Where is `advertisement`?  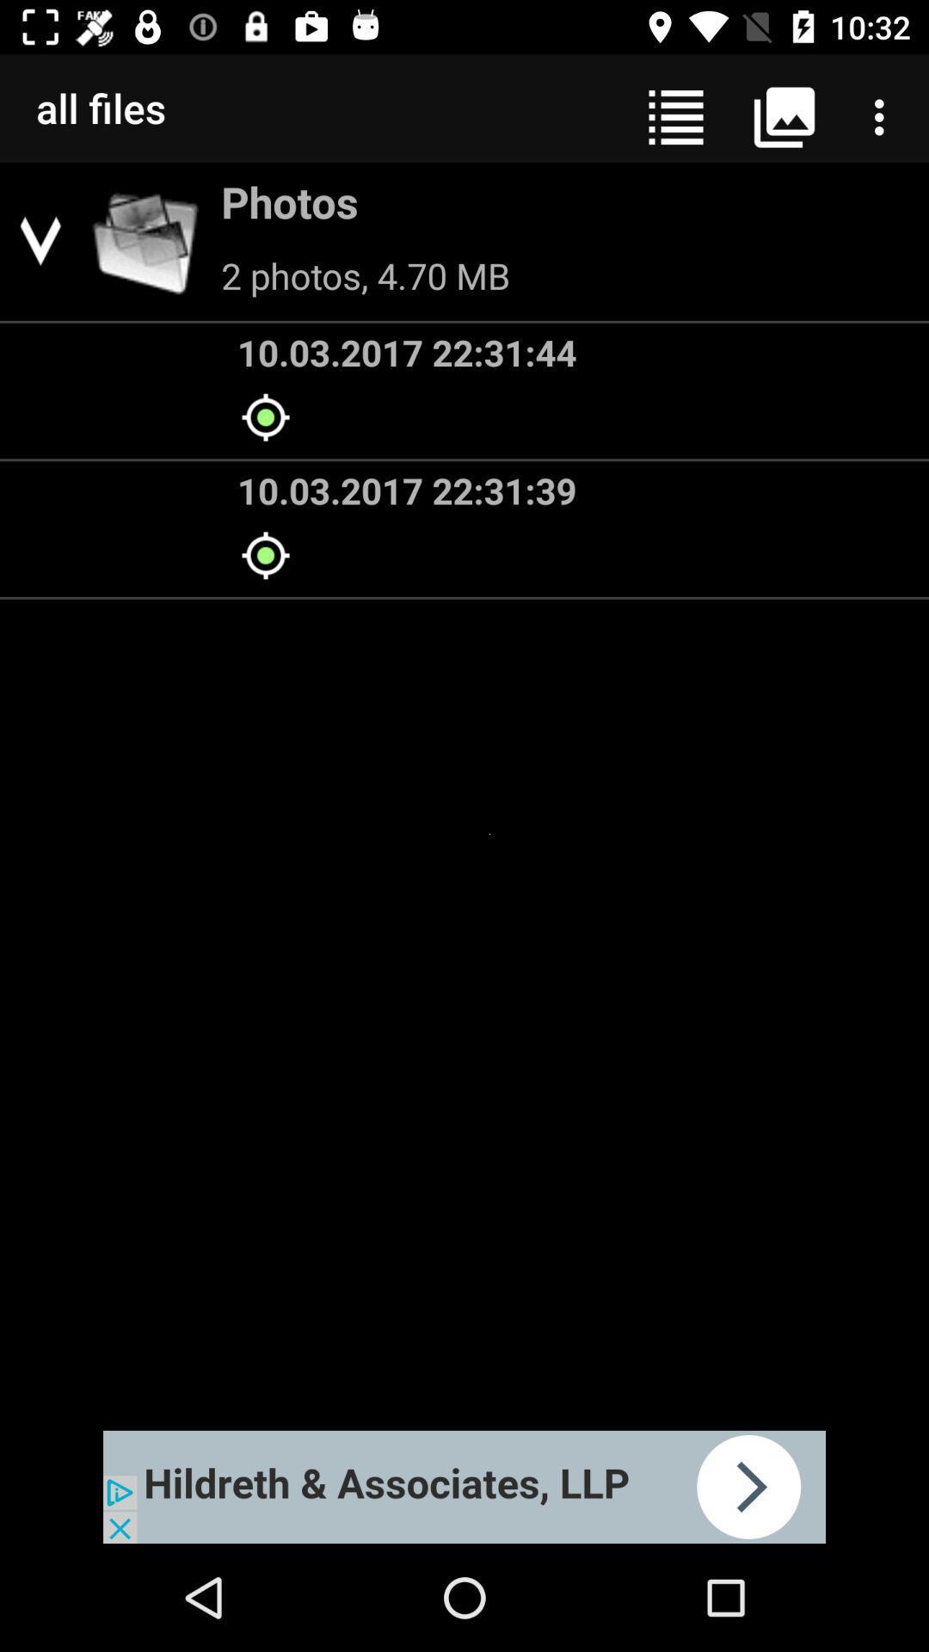 advertisement is located at coordinates (464, 1486).